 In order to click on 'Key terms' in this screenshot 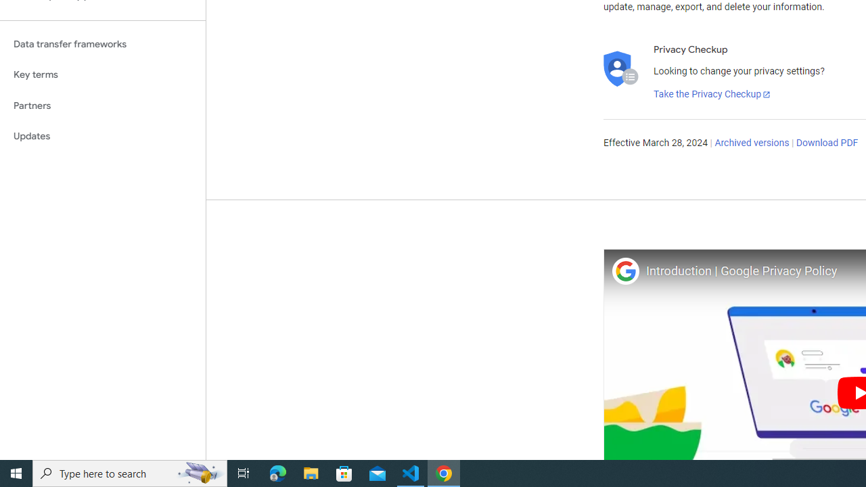, I will do `click(102, 74)`.